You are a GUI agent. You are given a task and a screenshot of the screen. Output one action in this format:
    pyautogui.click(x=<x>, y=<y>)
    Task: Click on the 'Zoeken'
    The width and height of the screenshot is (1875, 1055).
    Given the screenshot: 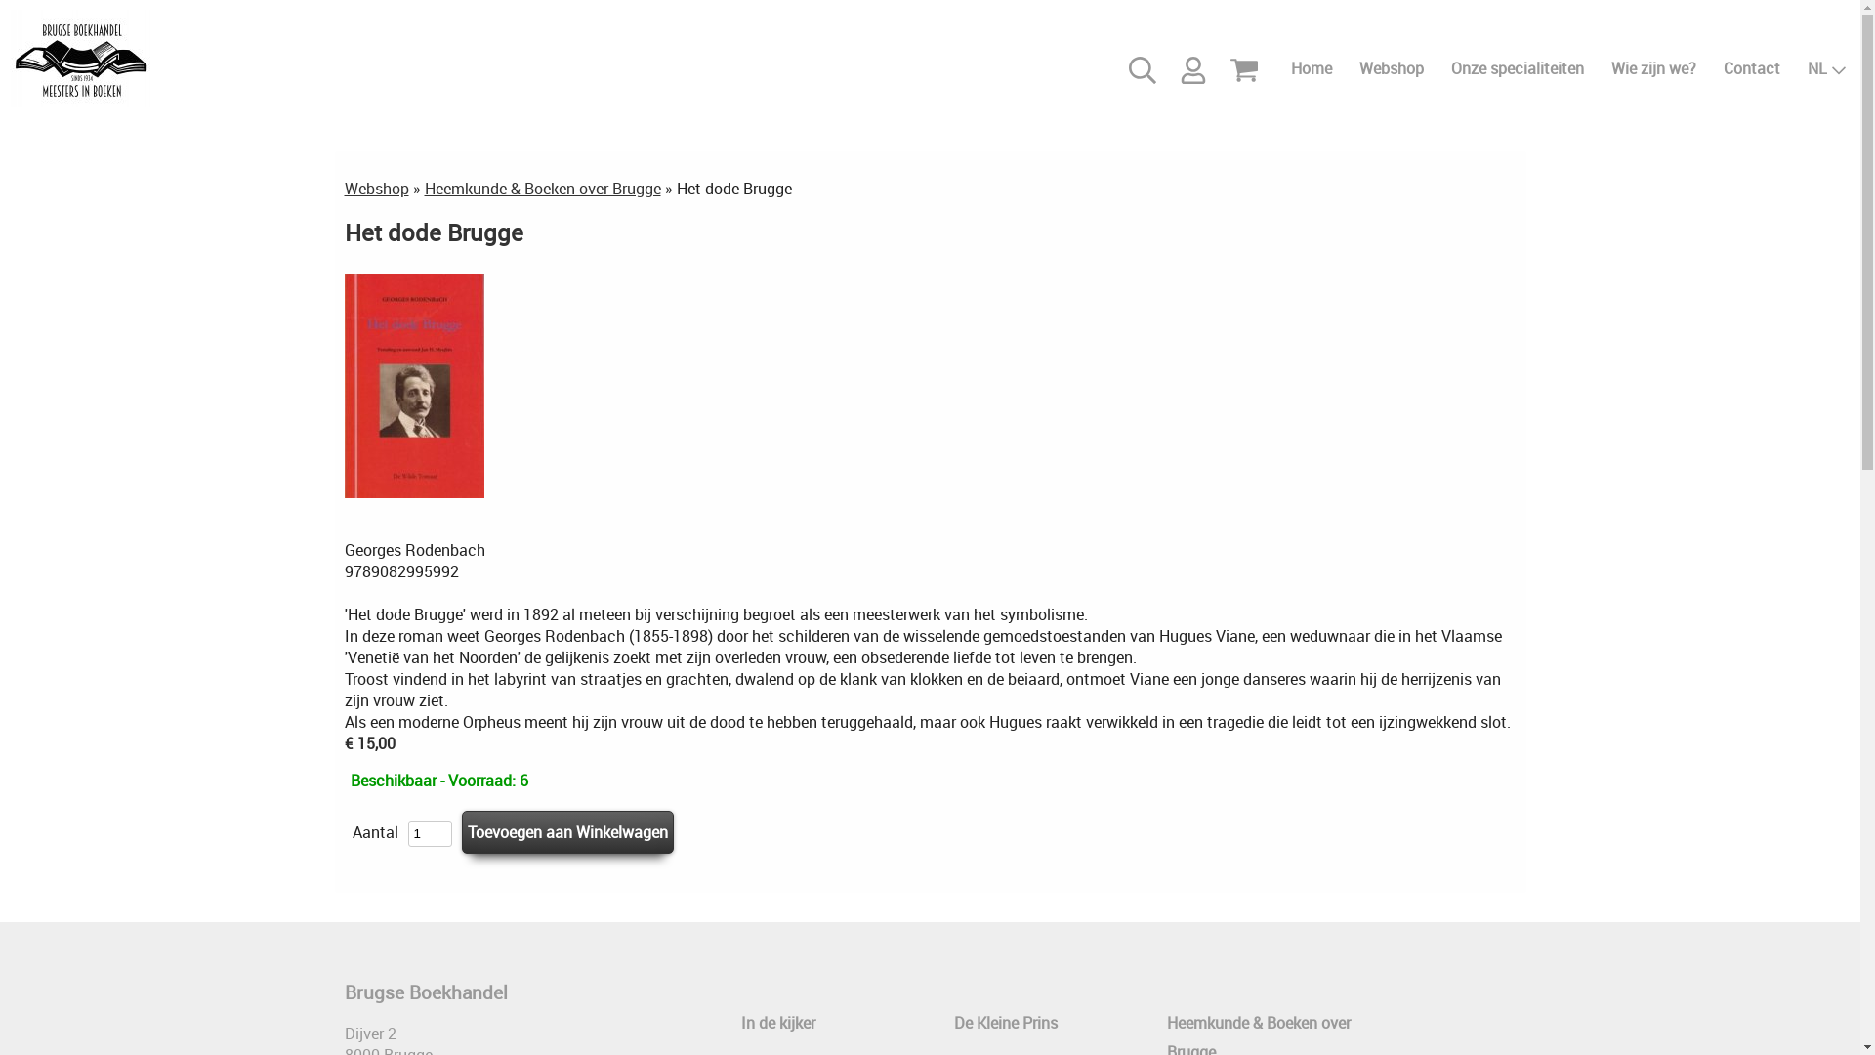 What is the action you would take?
    pyautogui.click(x=1143, y=66)
    